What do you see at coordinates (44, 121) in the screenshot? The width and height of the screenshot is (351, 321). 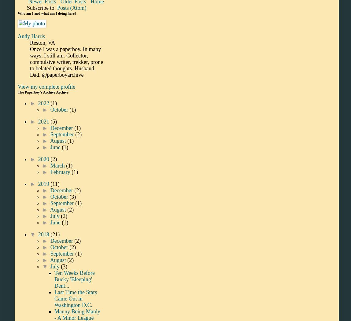 I see `'2021'` at bounding box center [44, 121].